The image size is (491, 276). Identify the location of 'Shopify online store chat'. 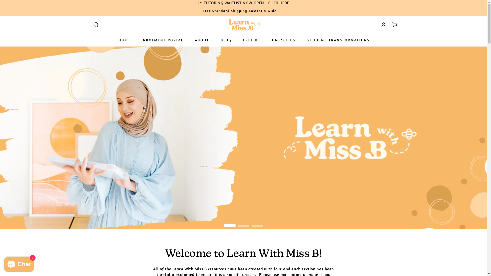
(19, 263).